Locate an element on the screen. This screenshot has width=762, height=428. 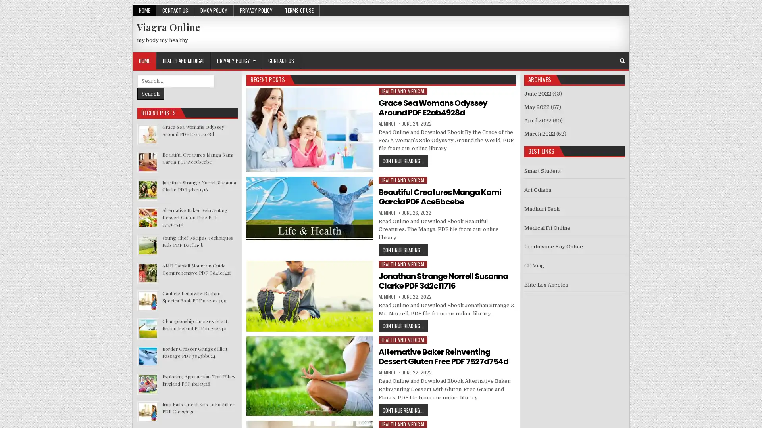
Search is located at coordinates (150, 93).